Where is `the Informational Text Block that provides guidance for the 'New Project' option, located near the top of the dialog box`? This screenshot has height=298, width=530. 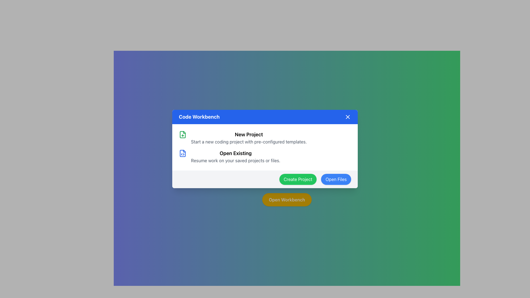
the Informational Text Block that provides guidance for the 'New Project' option, located near the top of the dialog box is located at coordinates (248, 138).